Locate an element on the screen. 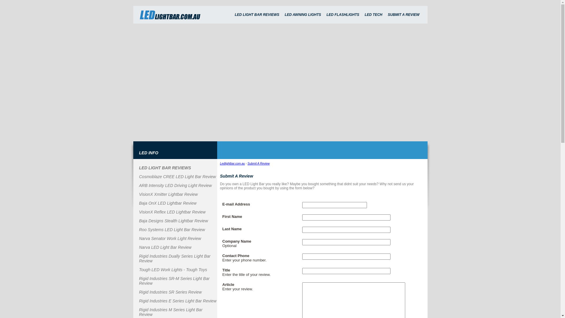 This screenshot has height=318, width=565. 'Rigid Industries Dually Series Light Bar Review' is located at coordinates (174, 258).